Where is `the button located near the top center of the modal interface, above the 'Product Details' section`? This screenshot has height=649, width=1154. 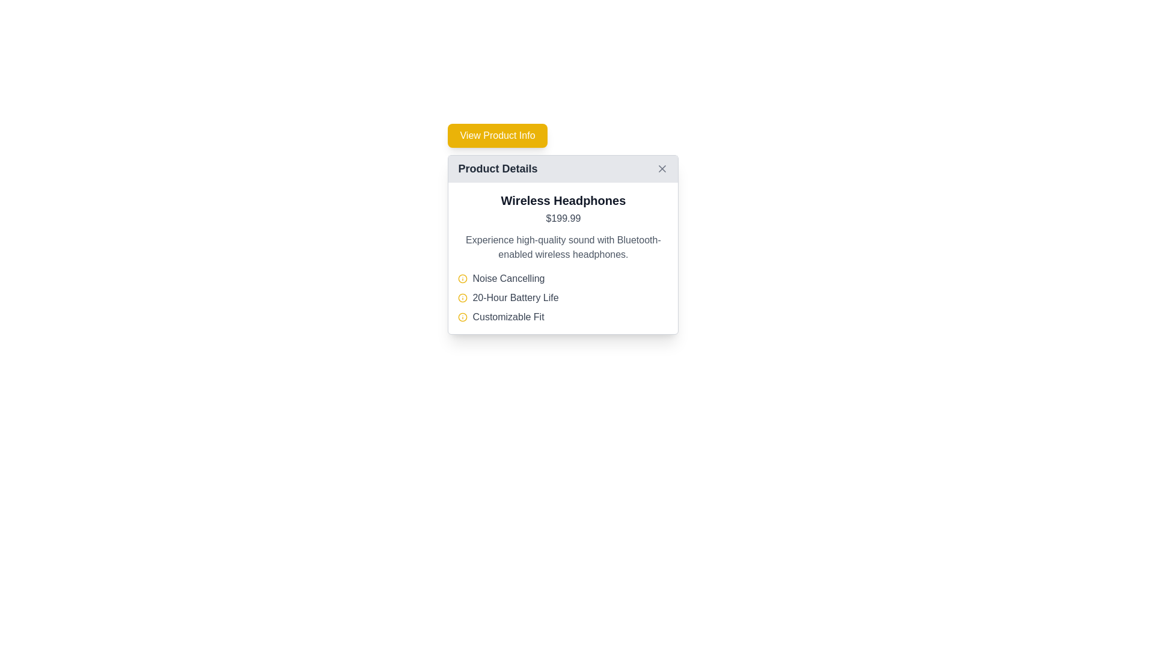 the button located near the top center of the modal interface, above the 'Product Details' section is located at coordinates (497, 135).